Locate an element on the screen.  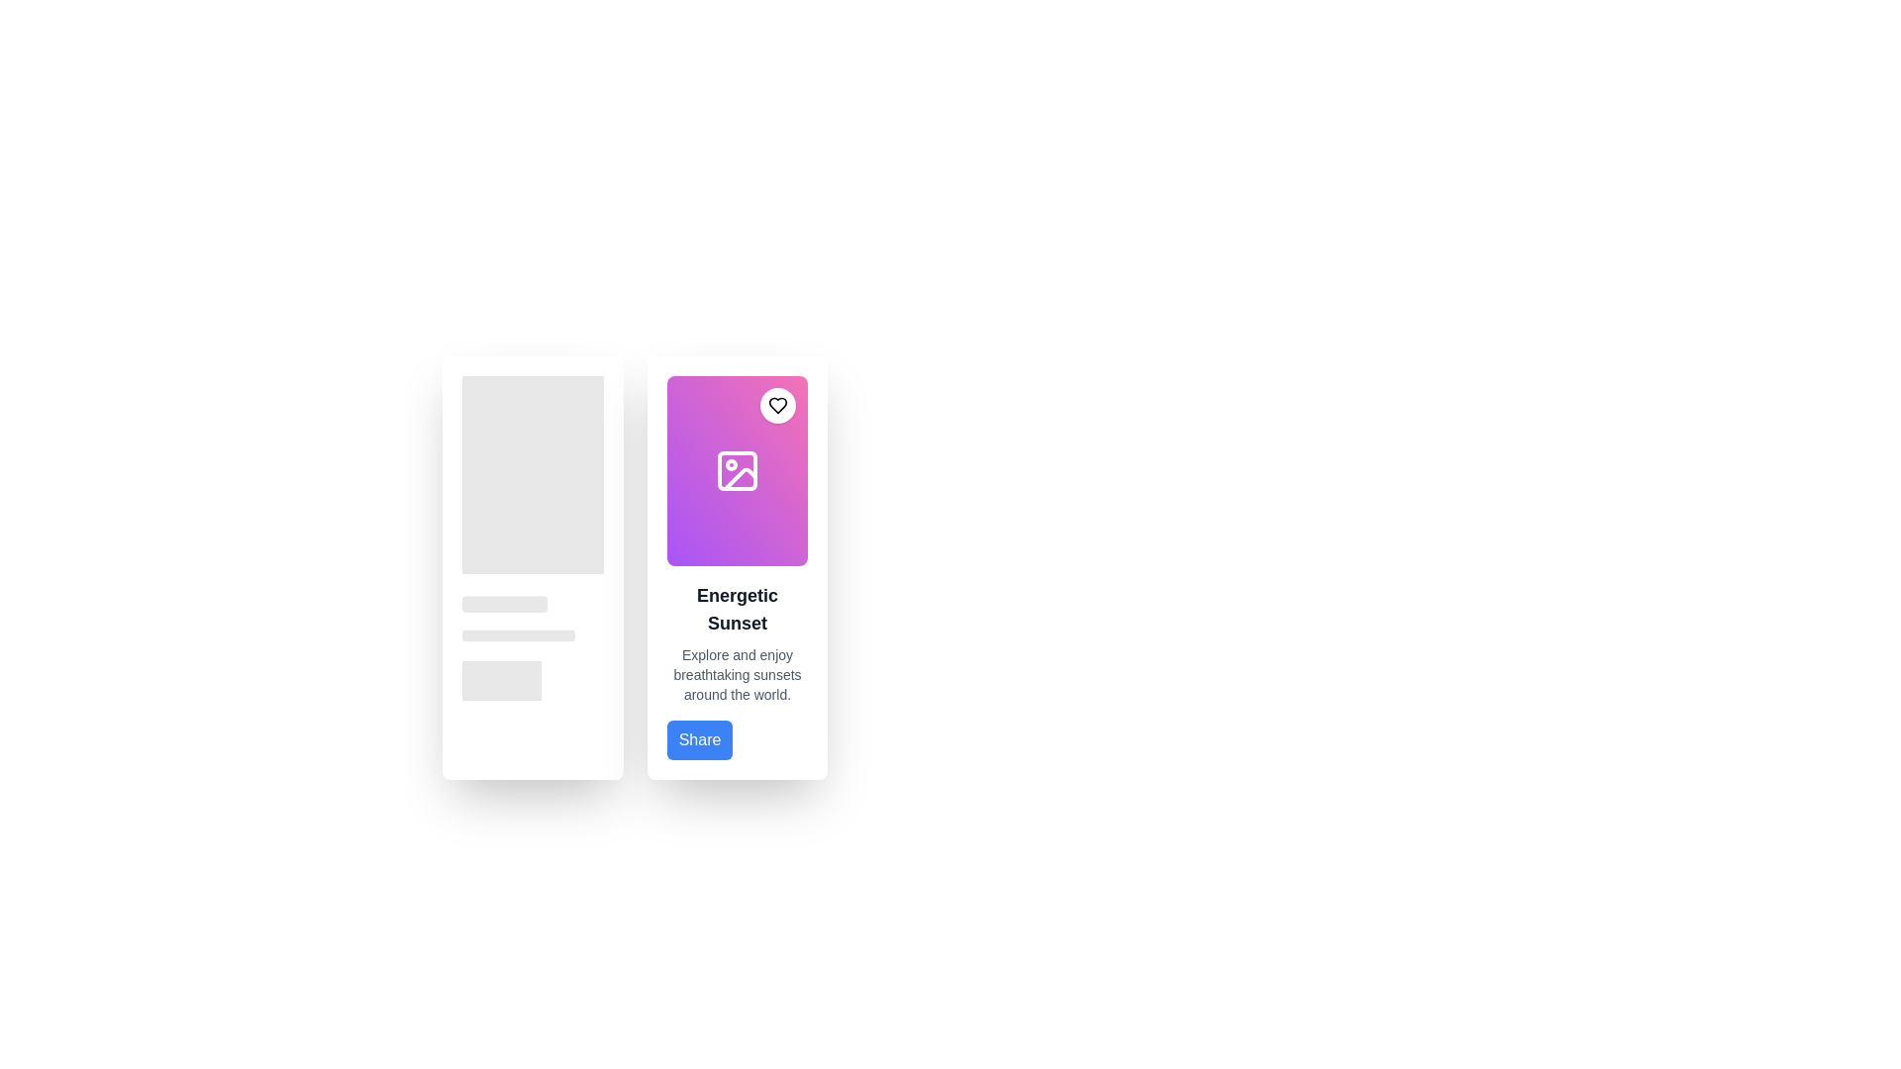
the icon resembling a picture with a mountain design, which is centered in the upper half of the card's purple-to-pink gradient background is located at coordinates (736, 470).